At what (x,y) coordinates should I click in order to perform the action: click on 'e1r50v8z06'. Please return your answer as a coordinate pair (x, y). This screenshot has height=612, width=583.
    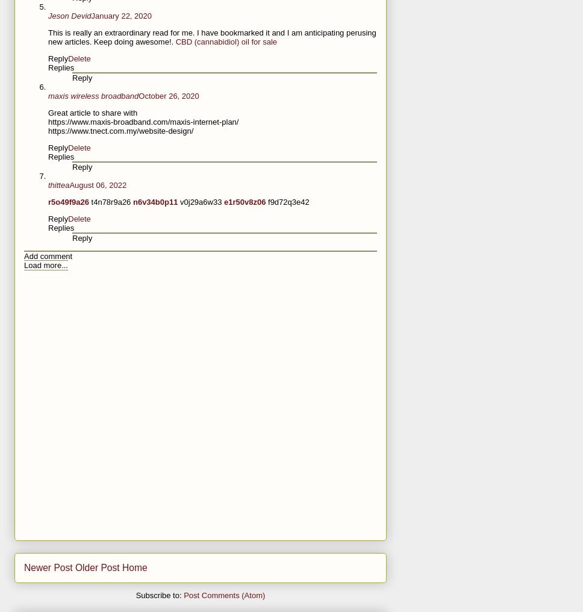
    Looking at the image, I should click on (246, 202).